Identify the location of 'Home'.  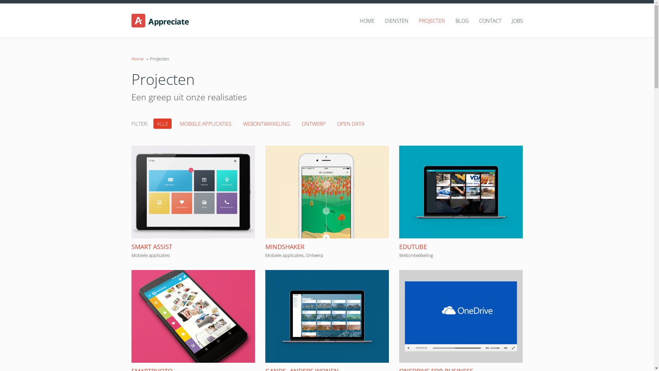
(137, 58).